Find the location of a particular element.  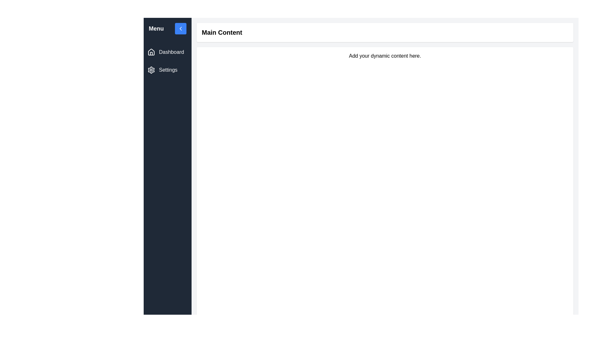

the 'Dashboard' menu item text label located in the vertical navigation menu on the left, which is positioned next to a house icon and above the 'Settings' label is located at coordinates (171, 52).